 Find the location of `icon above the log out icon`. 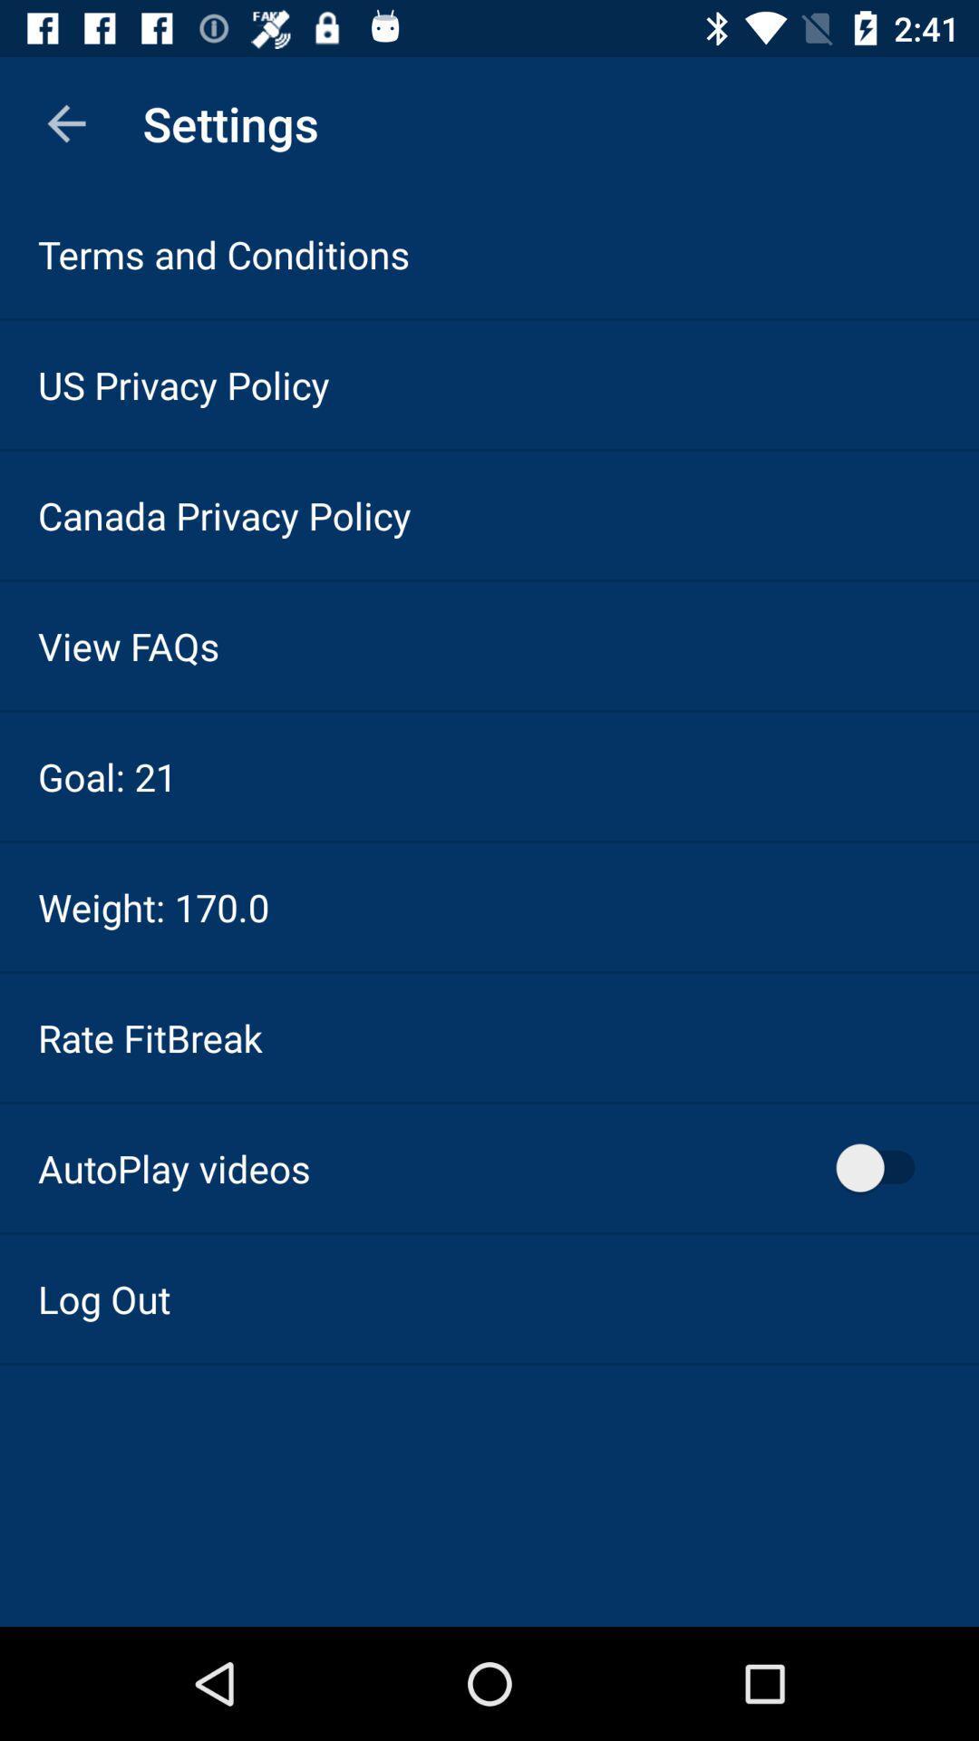

icon above the log out icon is located at coordinates (174, 1168).